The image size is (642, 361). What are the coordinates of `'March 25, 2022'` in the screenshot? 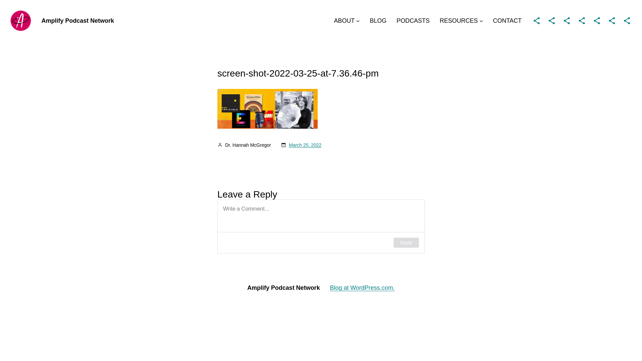 It's located at (305, 145).